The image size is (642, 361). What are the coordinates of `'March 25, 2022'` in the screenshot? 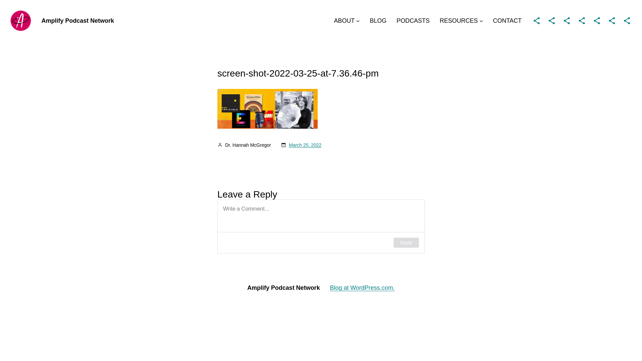 It's located at (305, 145).